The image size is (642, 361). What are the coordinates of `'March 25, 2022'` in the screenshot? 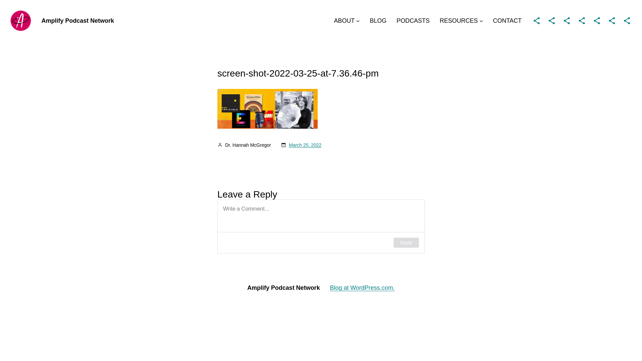 It's located at (305, 145).